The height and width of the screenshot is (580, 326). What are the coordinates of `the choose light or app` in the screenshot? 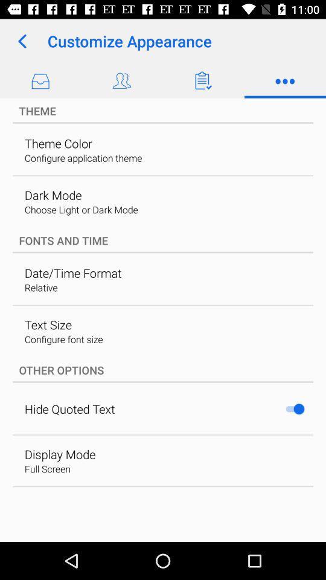 It's located at (81, 210).